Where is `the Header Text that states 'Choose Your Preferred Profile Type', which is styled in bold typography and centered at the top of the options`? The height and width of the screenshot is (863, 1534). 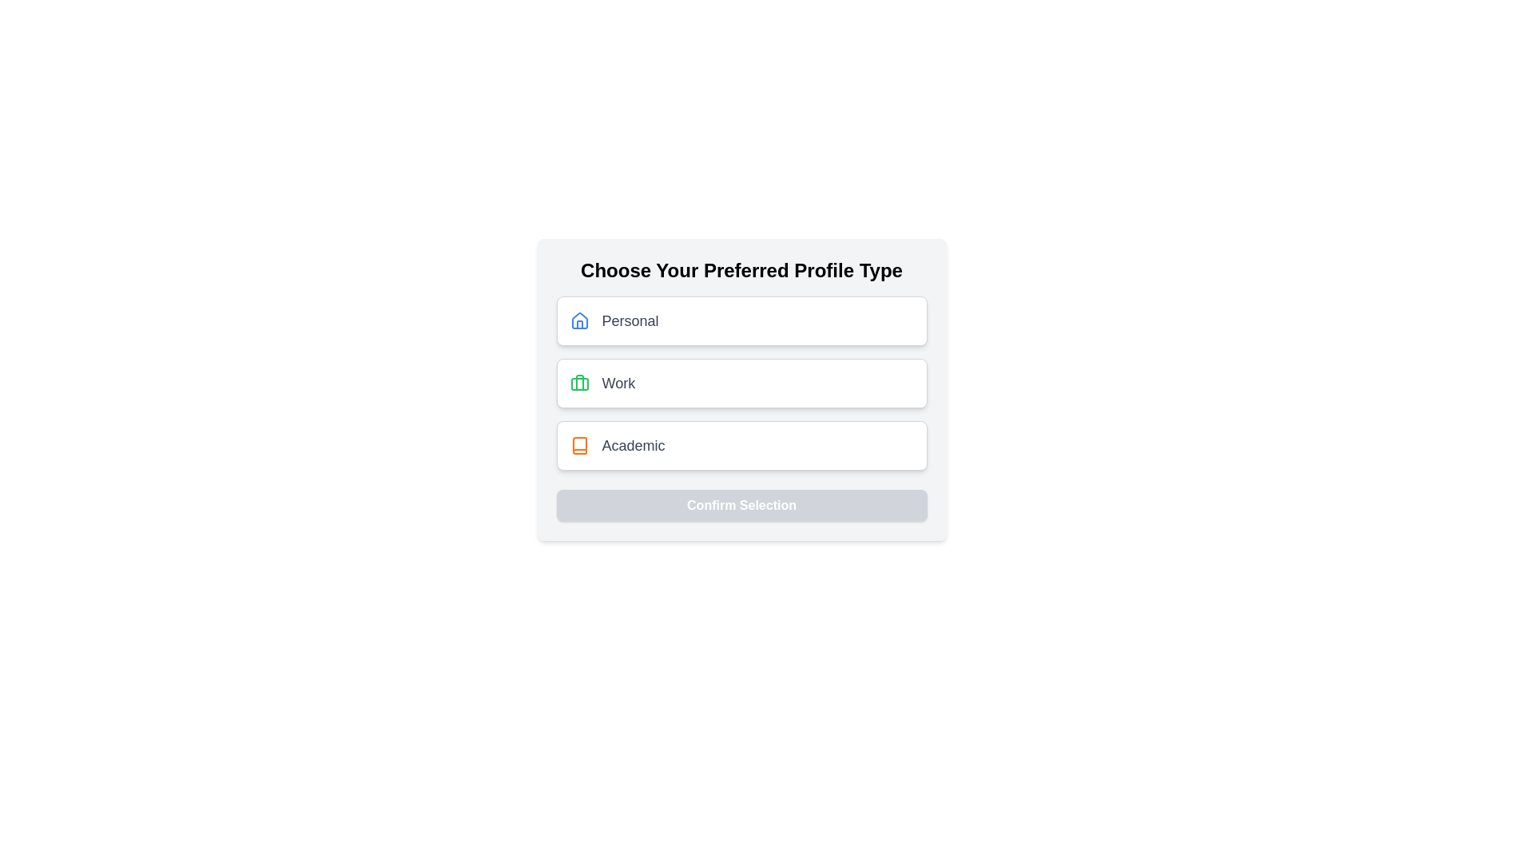 the Header Text that states 'Choose Your Preferred Profile Type', which is styled in bold typography and centered at the top of the options is located at coordinates (741, 270).